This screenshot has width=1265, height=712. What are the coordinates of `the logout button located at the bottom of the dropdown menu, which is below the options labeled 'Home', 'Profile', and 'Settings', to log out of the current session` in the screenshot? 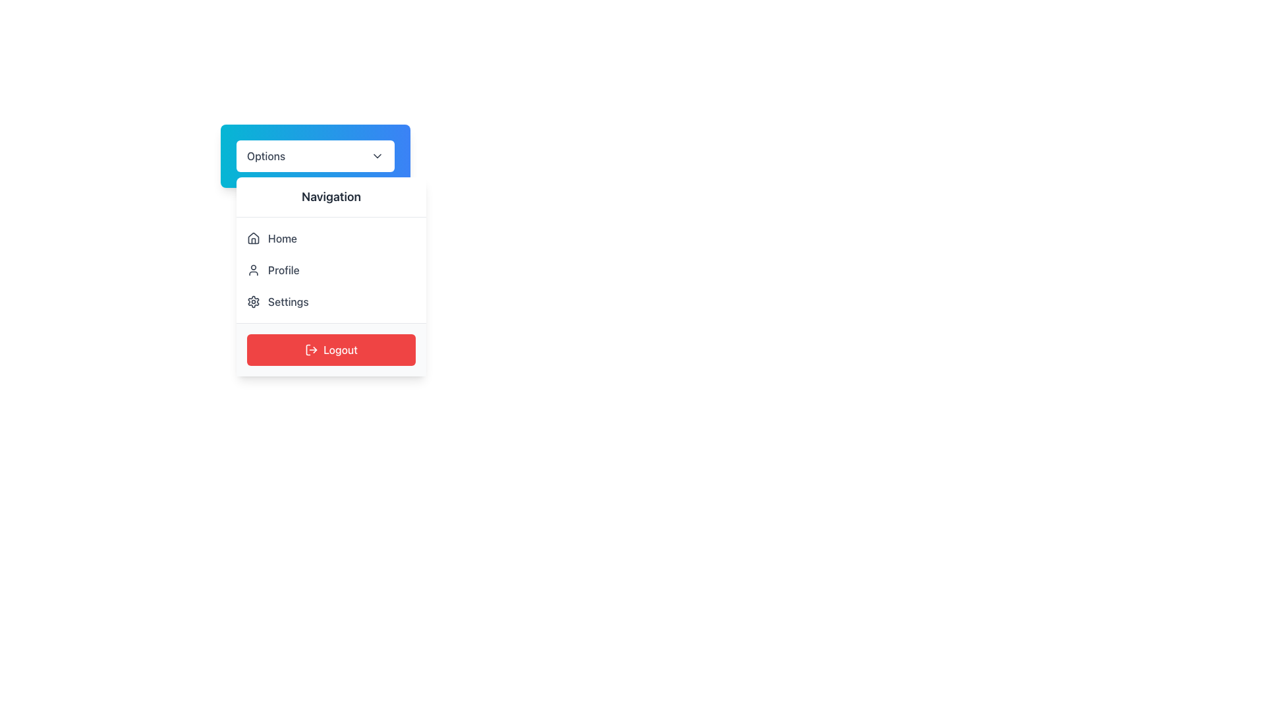 It's located at (331, 349).